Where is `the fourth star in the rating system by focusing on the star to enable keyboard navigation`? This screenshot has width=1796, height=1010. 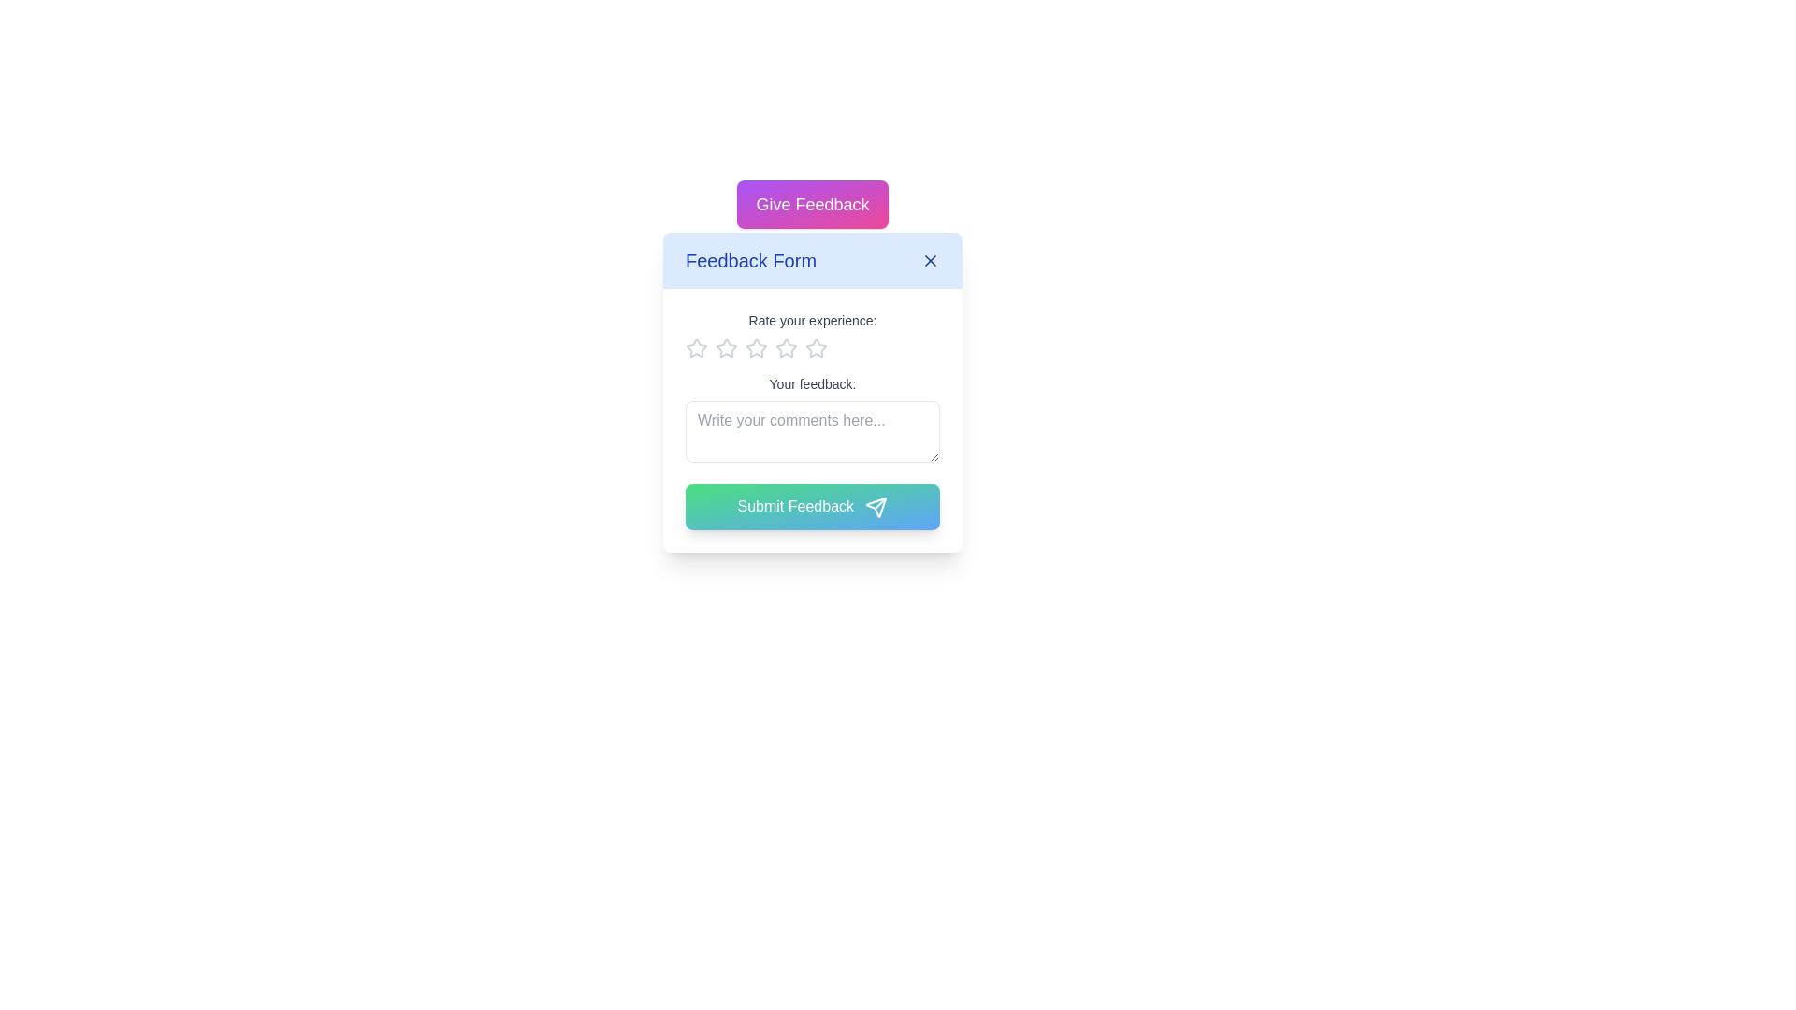
the fourth star in the rating system by focusing on the star to enable keyboard navigation is located at coordinates (786, 349).